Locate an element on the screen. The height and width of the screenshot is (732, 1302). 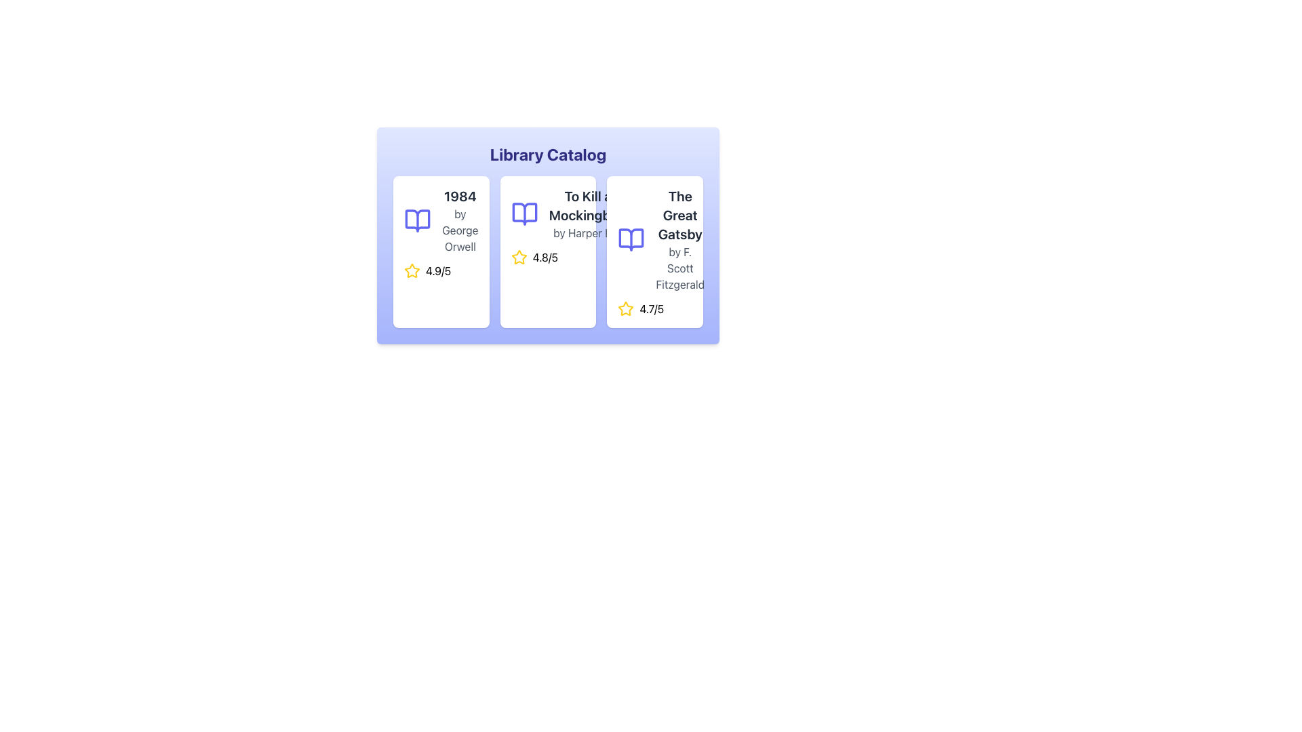
the blue book icon representing 'The Great Gatsby' by F. Scott Fitzgerald, which is located to the left of the title text is located at coordinates (631, 239).